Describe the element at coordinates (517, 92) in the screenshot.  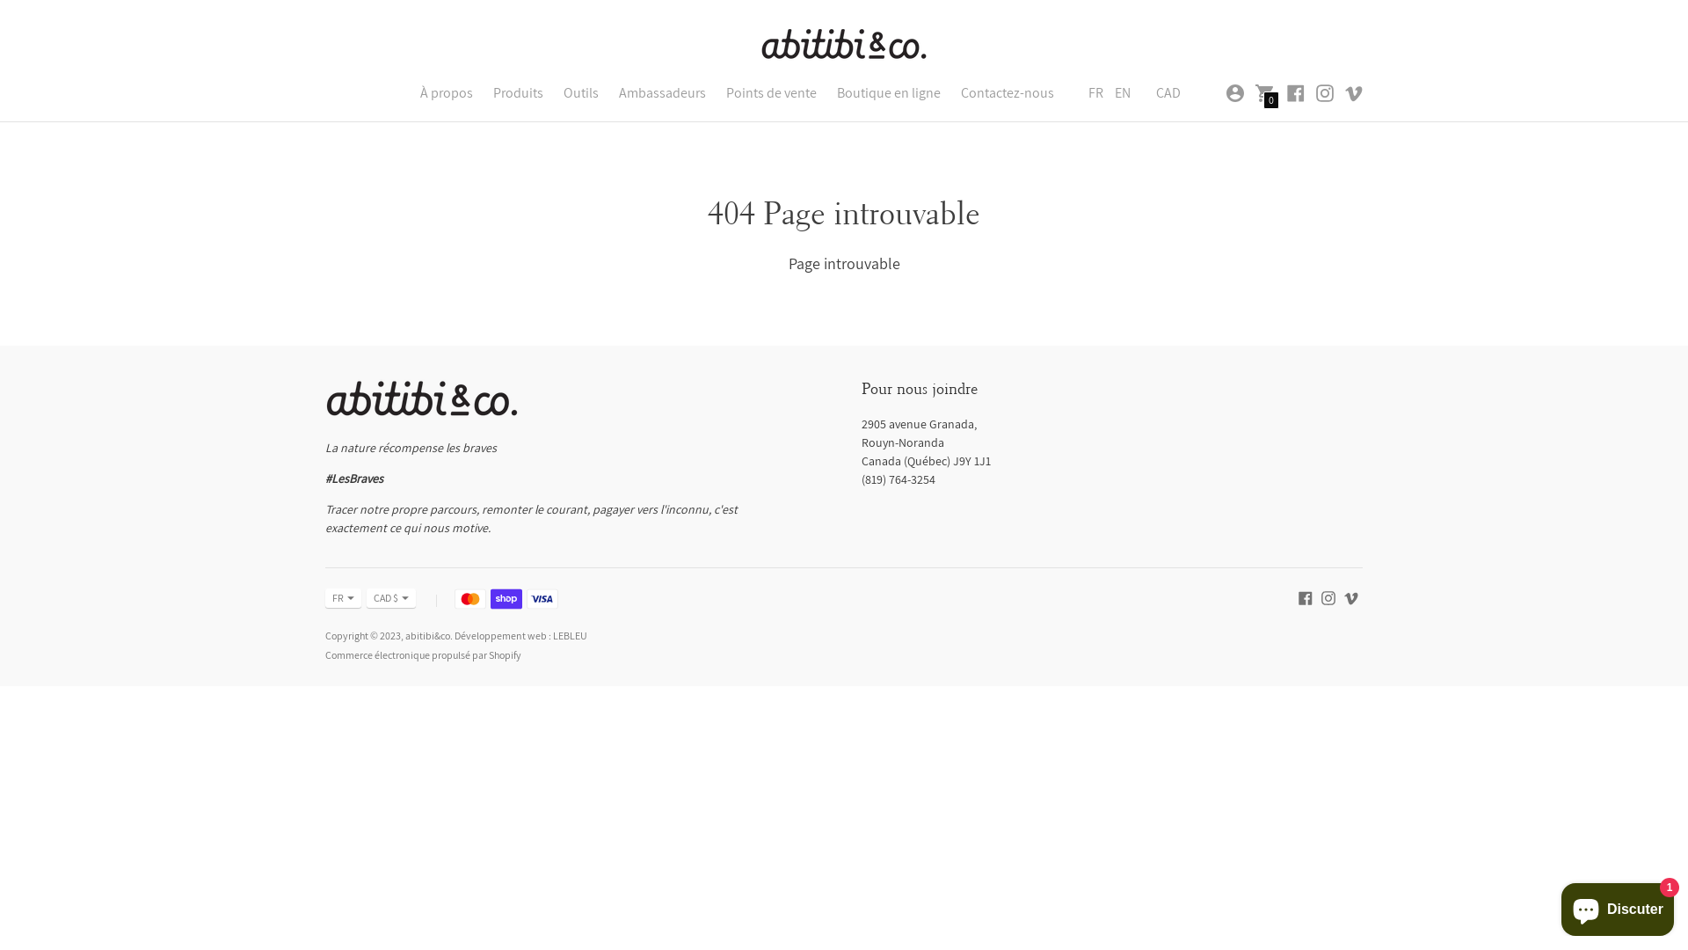
I see `'Produits'` at that location.